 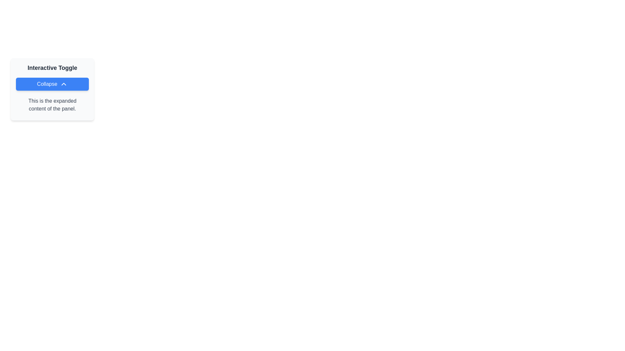 What do you see at coordinates (52, 68) in the screenshot?
I see `the static text element labeled 'Interactive Toggle', which is bold and prominently styled, positioned above the blue 'Collapse' button` at bounding box center [52, 68].